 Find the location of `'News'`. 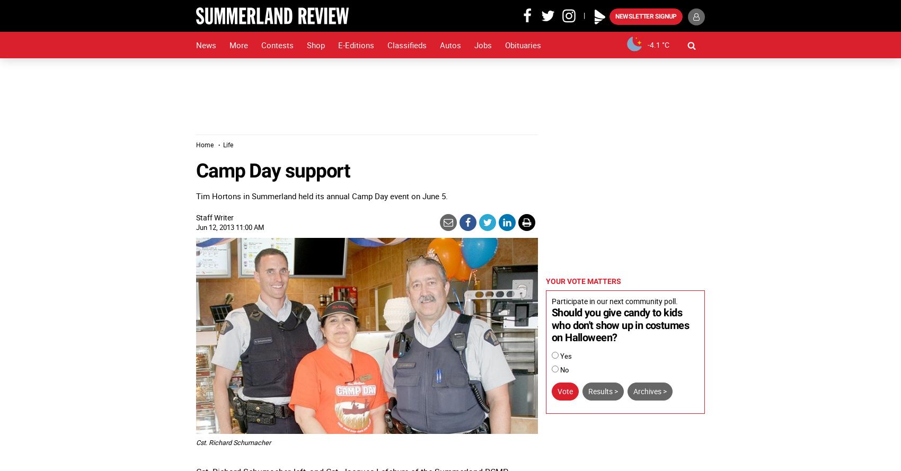

'News' is located at coordinates (205, 44).